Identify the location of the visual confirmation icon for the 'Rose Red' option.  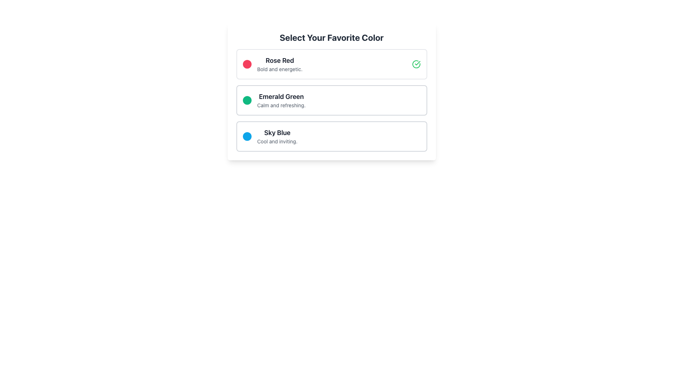
(416, 64).